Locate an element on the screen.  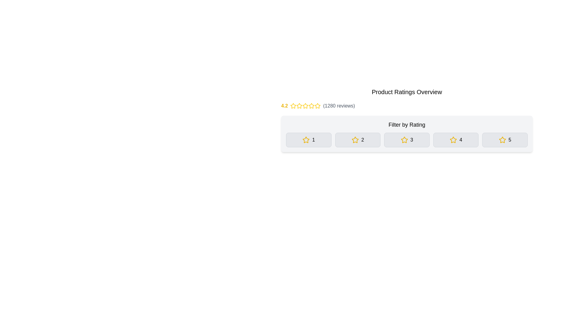
the fifth star icon in the rating component, which is outlined in yellow and located near the rating '4.2' is located at coordinates (317, 105).